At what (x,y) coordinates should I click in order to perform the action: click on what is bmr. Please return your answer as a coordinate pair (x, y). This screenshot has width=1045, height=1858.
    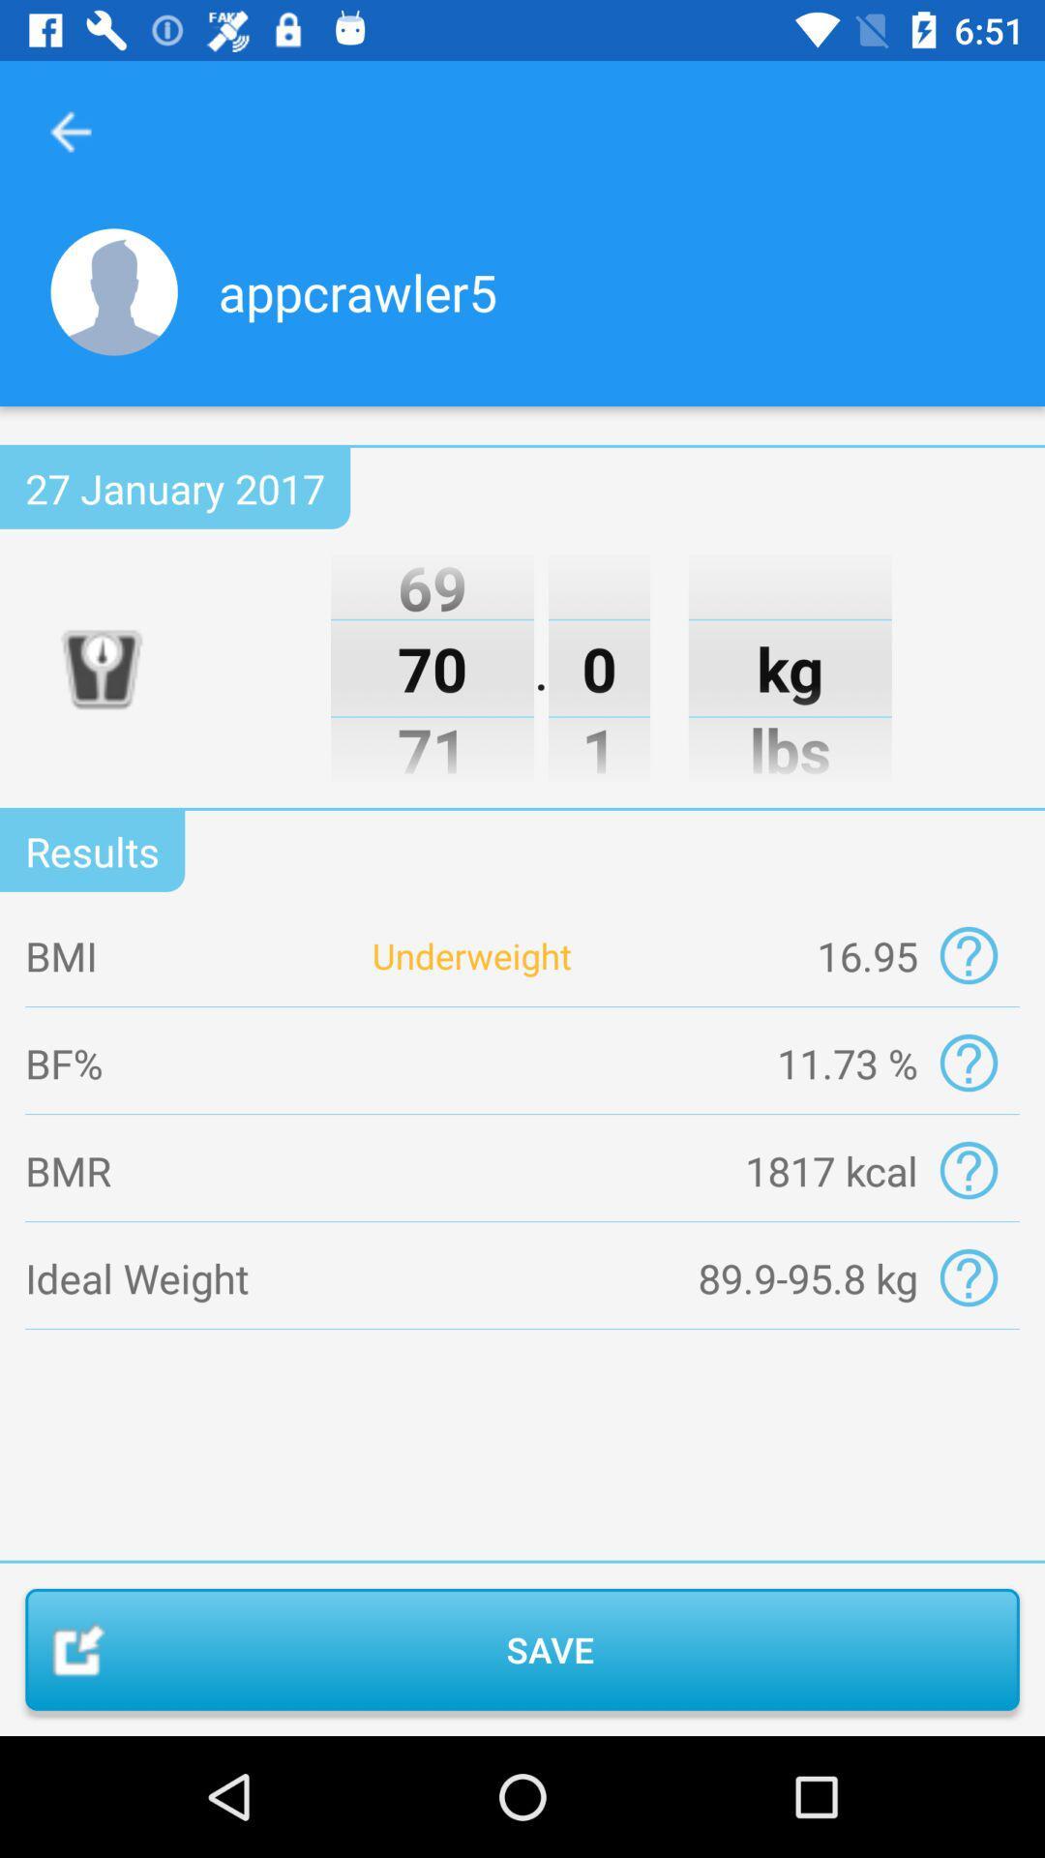
    Looking at the image, I should click on (969, 1169).